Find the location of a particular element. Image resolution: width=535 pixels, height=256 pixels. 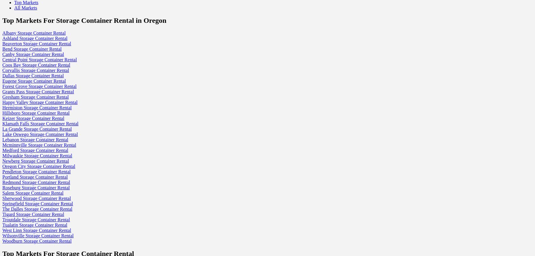

'Corvallis Storage Container Rental' is located at coordinates (36, 70).